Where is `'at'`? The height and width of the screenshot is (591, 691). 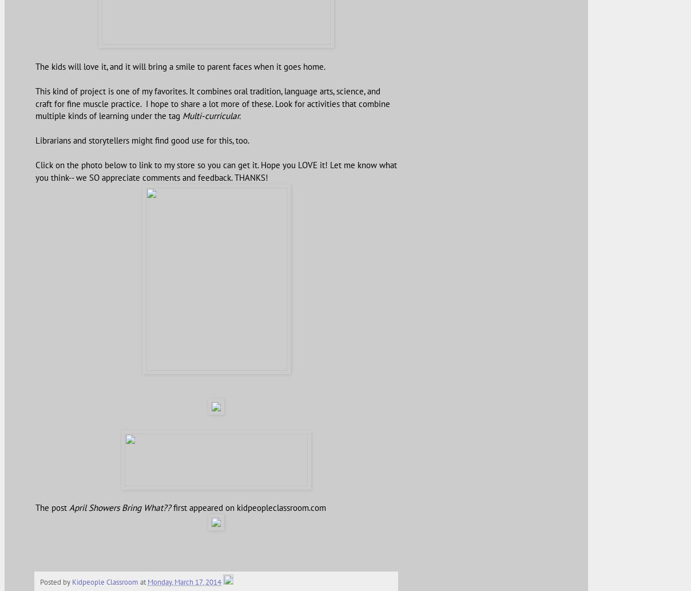 'at' is located at coordinates (140, 580).